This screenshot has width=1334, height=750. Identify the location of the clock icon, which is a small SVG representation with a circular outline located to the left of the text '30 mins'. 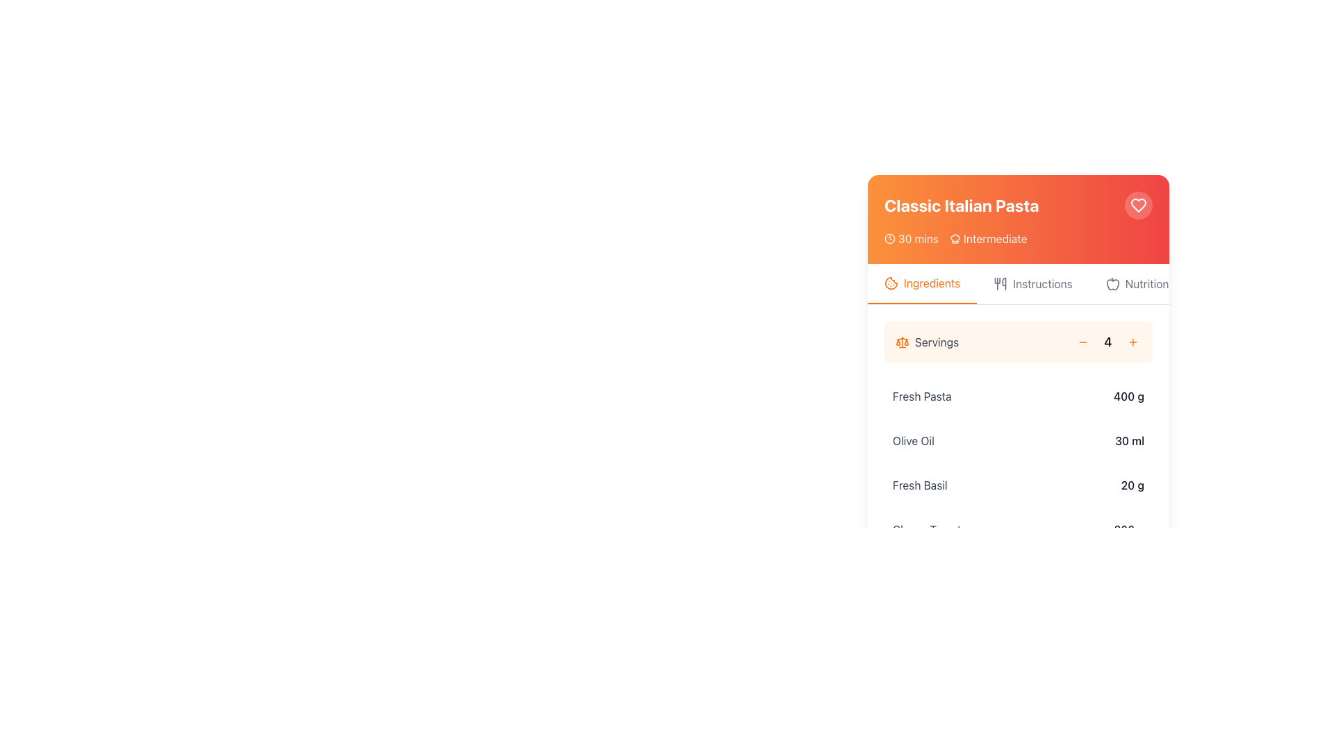
(890, 237).